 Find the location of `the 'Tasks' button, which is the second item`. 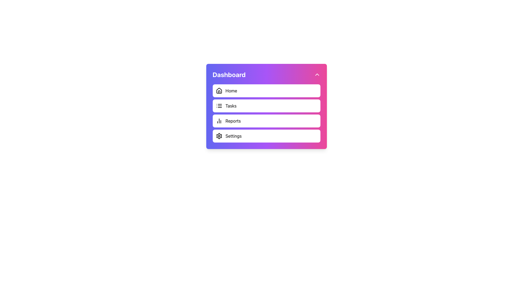

the 'Tasks' button, which is the second item is located at coordinates (266, 106).